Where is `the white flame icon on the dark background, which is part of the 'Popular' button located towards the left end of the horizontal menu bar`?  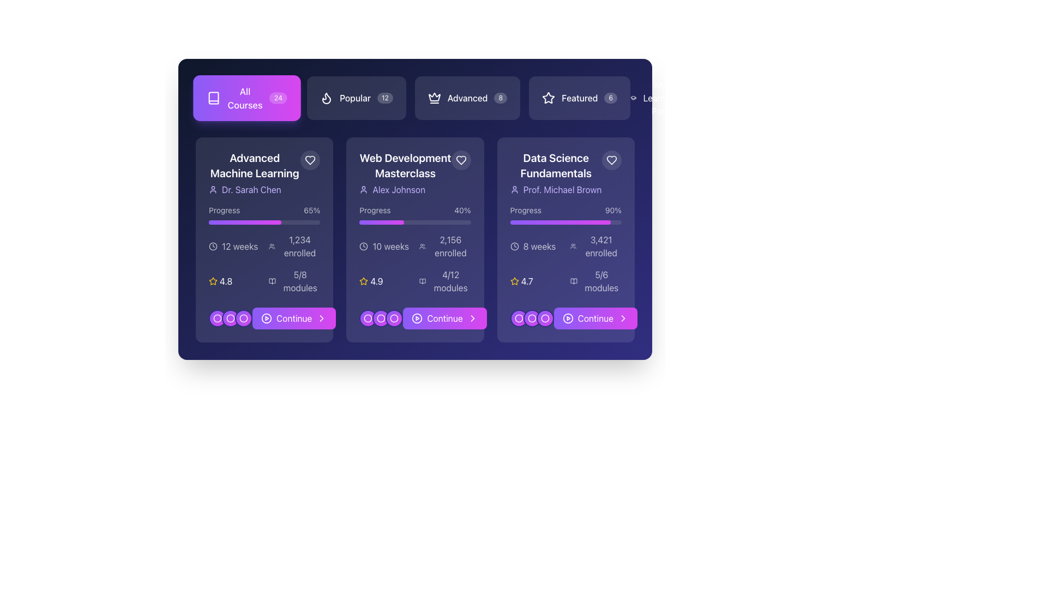
the white flame icon on the dark background, which is part of the 'Popular' button located towards the left end of the horizontal menu bar is located at coordinates (326, 98).